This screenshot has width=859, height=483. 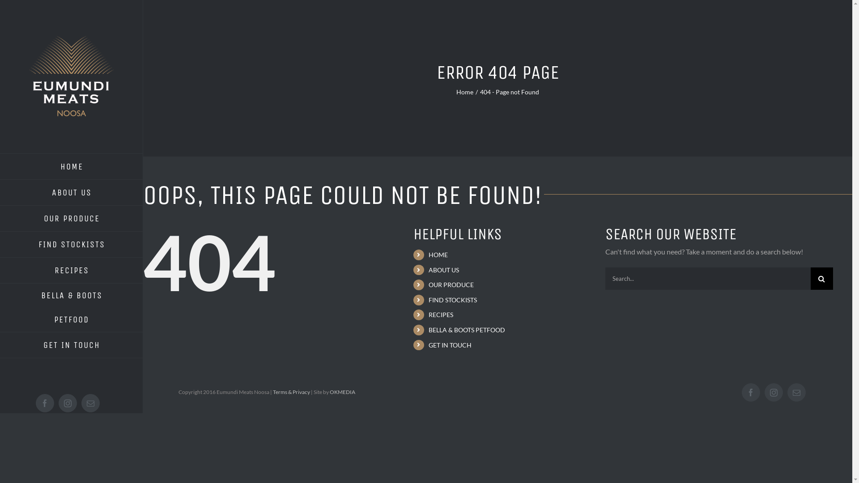 What do you see at coordinates (466, 330) in the screenshot?
I see `'BELLA & BOOTS PETFOOD'` at bounding box center [466, 330].